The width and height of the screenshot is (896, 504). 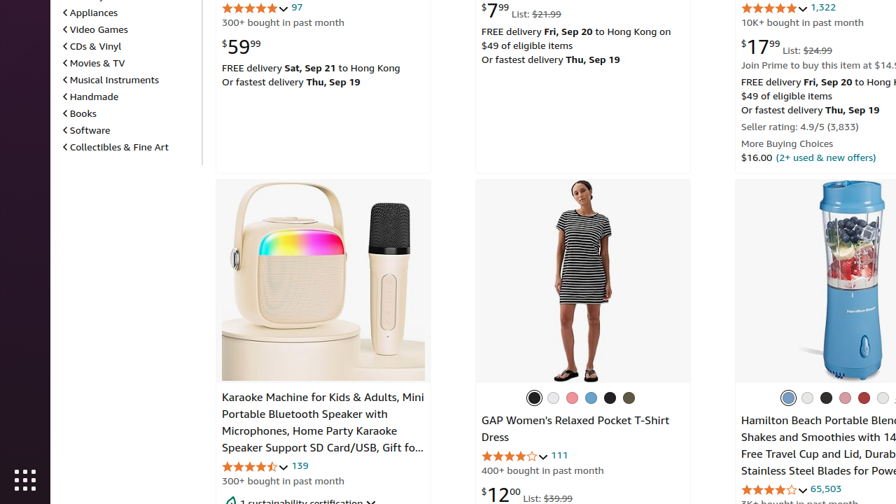 What do you see at coordinates (241, 45) in the screenshot?
I see `'$59.99'` at bounding box center [241, 45].